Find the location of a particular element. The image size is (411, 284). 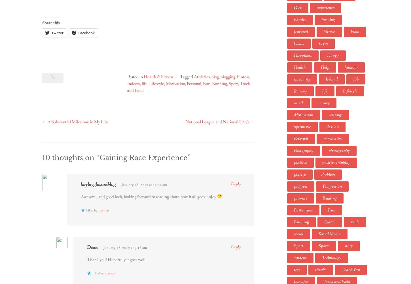

'Health' is located at coordinates (294, 67).